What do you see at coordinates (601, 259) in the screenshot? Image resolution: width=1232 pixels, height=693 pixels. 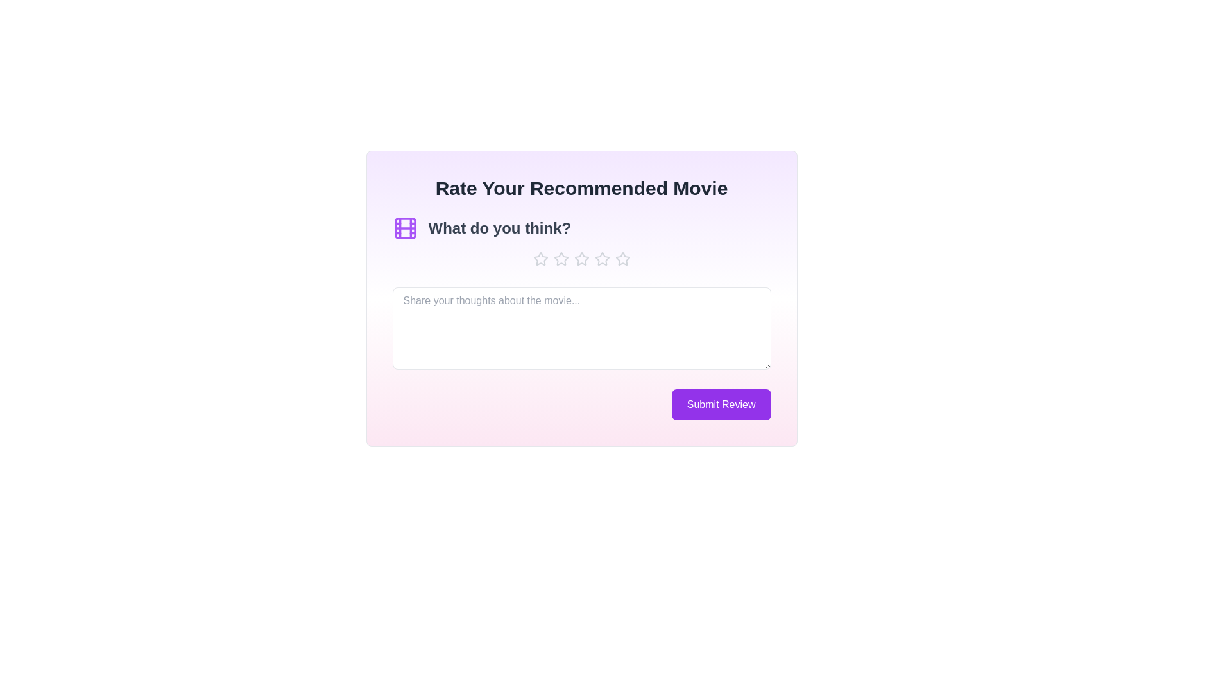 I see `the star icon to set the rating to 4` at bounding box center [601, 259].